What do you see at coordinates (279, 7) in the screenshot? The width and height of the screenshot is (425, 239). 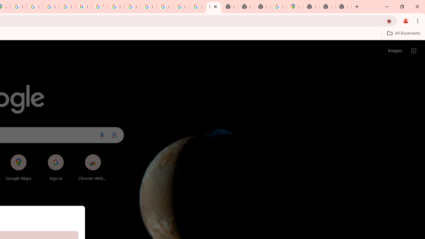 I see `'Use Google Maps in Space - Google Maps Help'` at bounding box center [279, 7].